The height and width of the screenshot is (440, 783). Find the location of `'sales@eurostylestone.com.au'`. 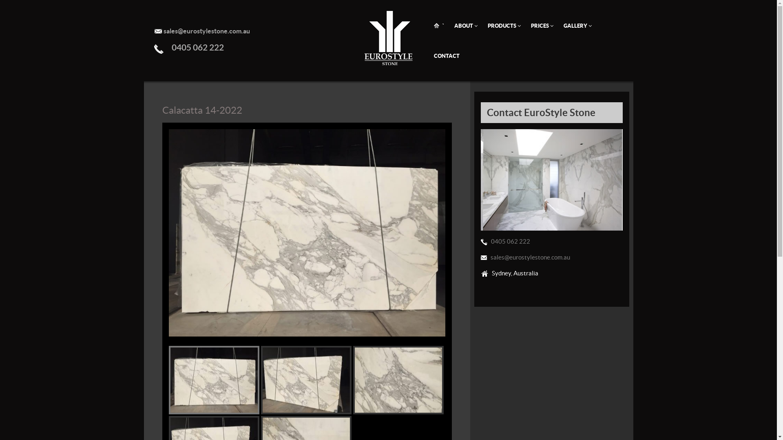

'sales@eurostylestone.com.au' is located at coordinates (530, 257).